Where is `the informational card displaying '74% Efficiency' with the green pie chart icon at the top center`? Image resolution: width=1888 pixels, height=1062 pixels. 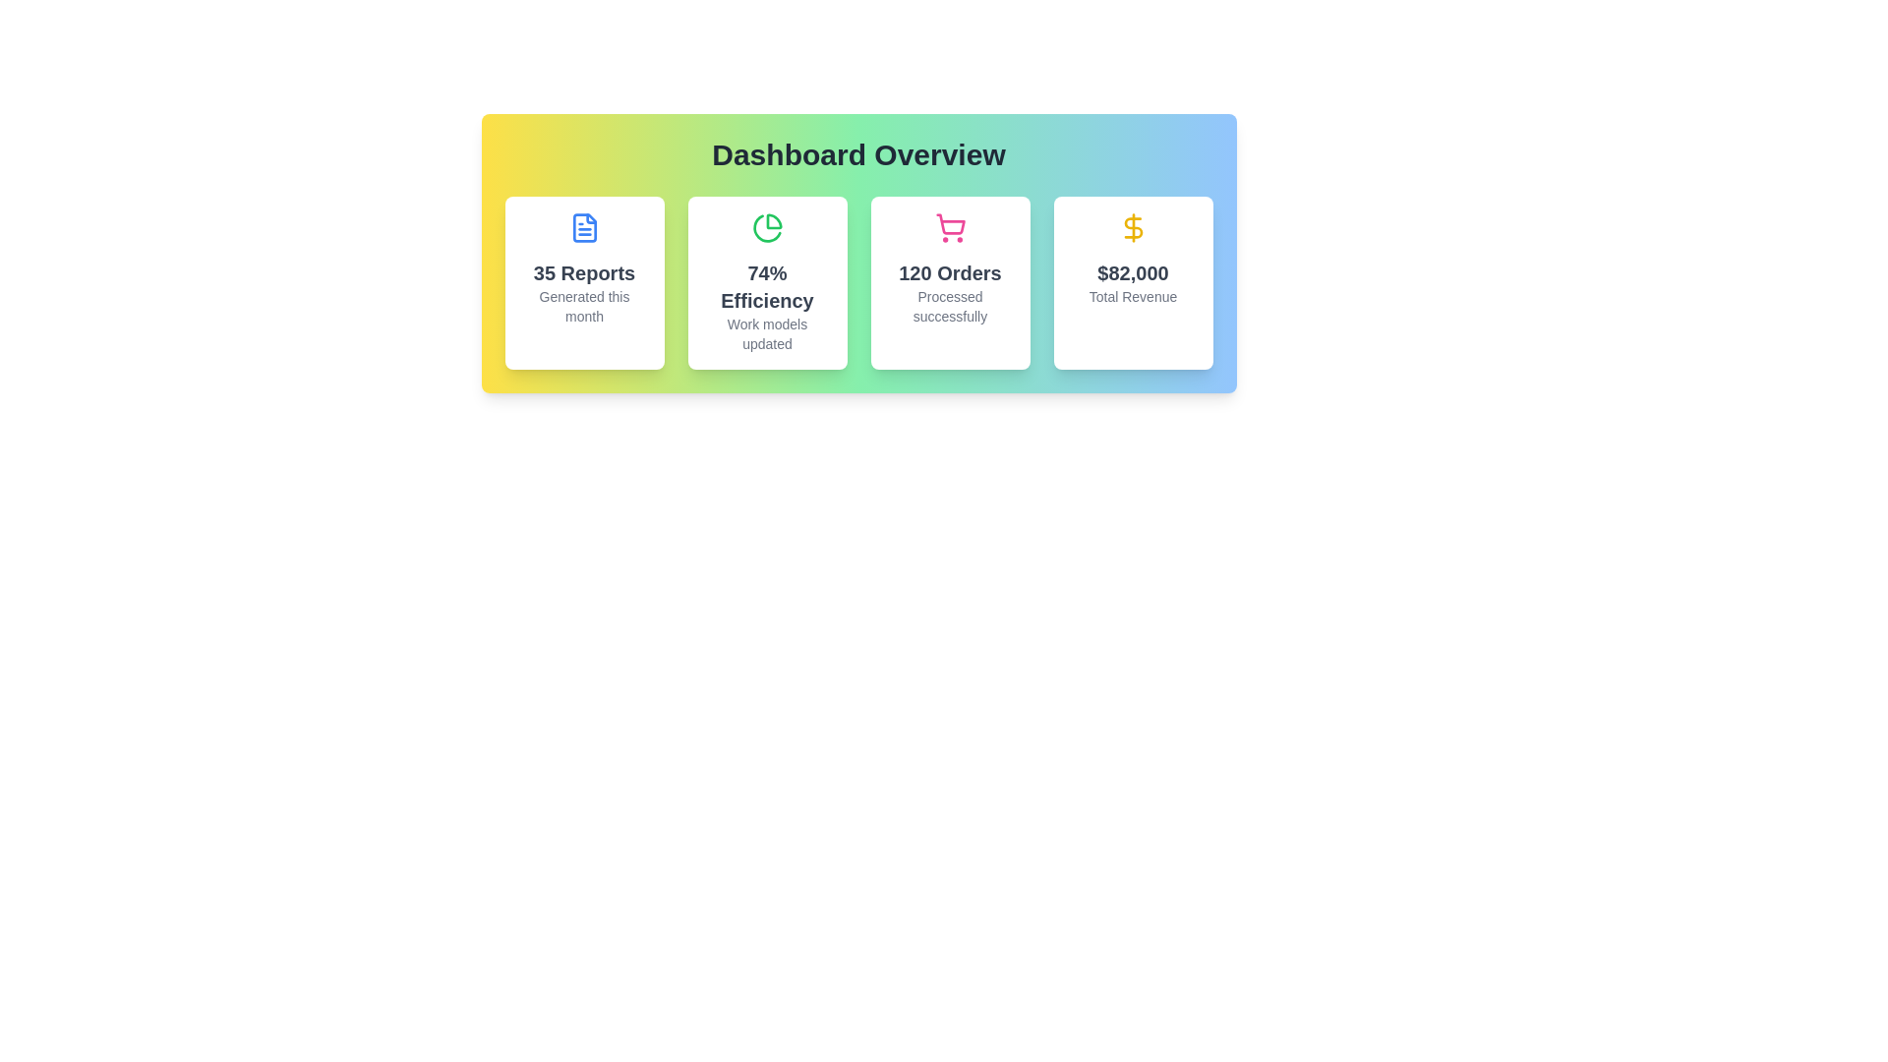
the informational card displaying '74% Efficiency' with the green pie chart icon at the top center is located at coordinates (766, 283).